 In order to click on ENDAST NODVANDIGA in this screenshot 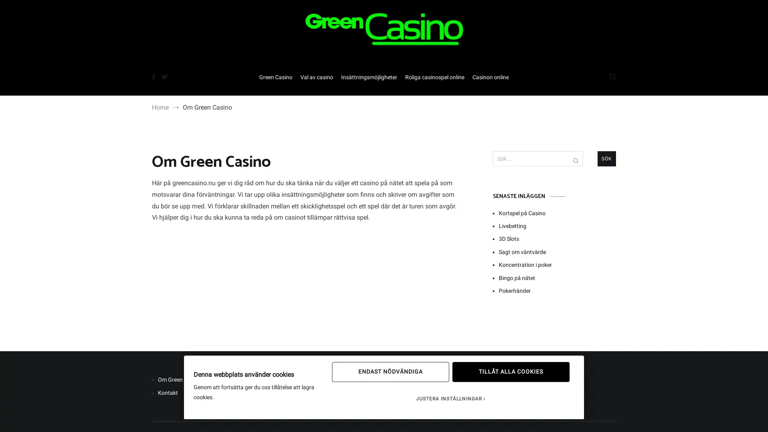, I will do `click(390, 372)`.